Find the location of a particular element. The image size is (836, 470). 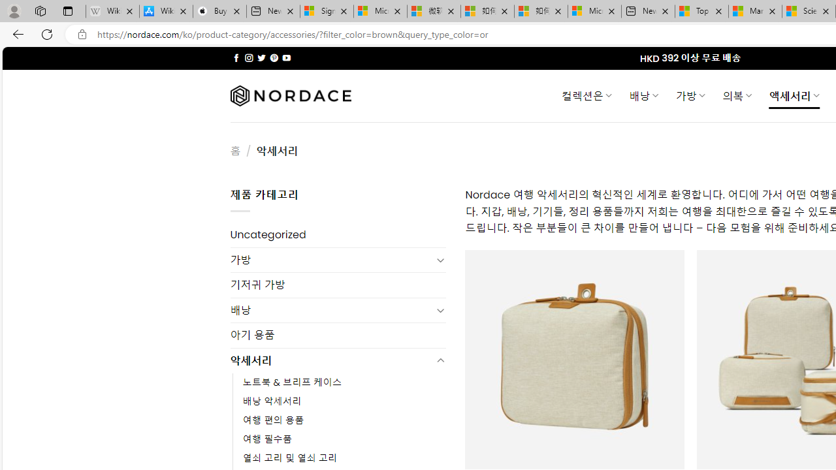

'Follow on Pinterest' is located at coordinates (273, 57).